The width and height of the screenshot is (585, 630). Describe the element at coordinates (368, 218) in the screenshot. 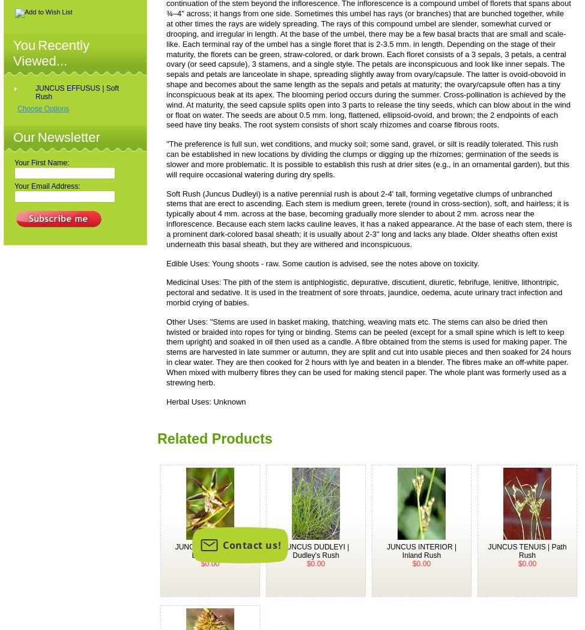

I see `'Soft Rush (Juncus Dudleyi) is a native perennial rush is about 2-4' tall, forming vegetative clumps of unbranched stems that are erect to ascending. Each stem is medium green, terete (round in cross-section), soft, and hairless; it is typically about 4 mm. across at the base, becoming gradually more slender to about 2 mm. across near the inflorescence. Because each stem lacks cauline leaves, it has a naked appearance. At the base of each stem, there is a prominent dark-colored basal sheath; it is usually about 2-3" long and lacks any blade. Older sheaths often exist underneath this basal sheath, but they are withered and inconspicuous.'` at that location.